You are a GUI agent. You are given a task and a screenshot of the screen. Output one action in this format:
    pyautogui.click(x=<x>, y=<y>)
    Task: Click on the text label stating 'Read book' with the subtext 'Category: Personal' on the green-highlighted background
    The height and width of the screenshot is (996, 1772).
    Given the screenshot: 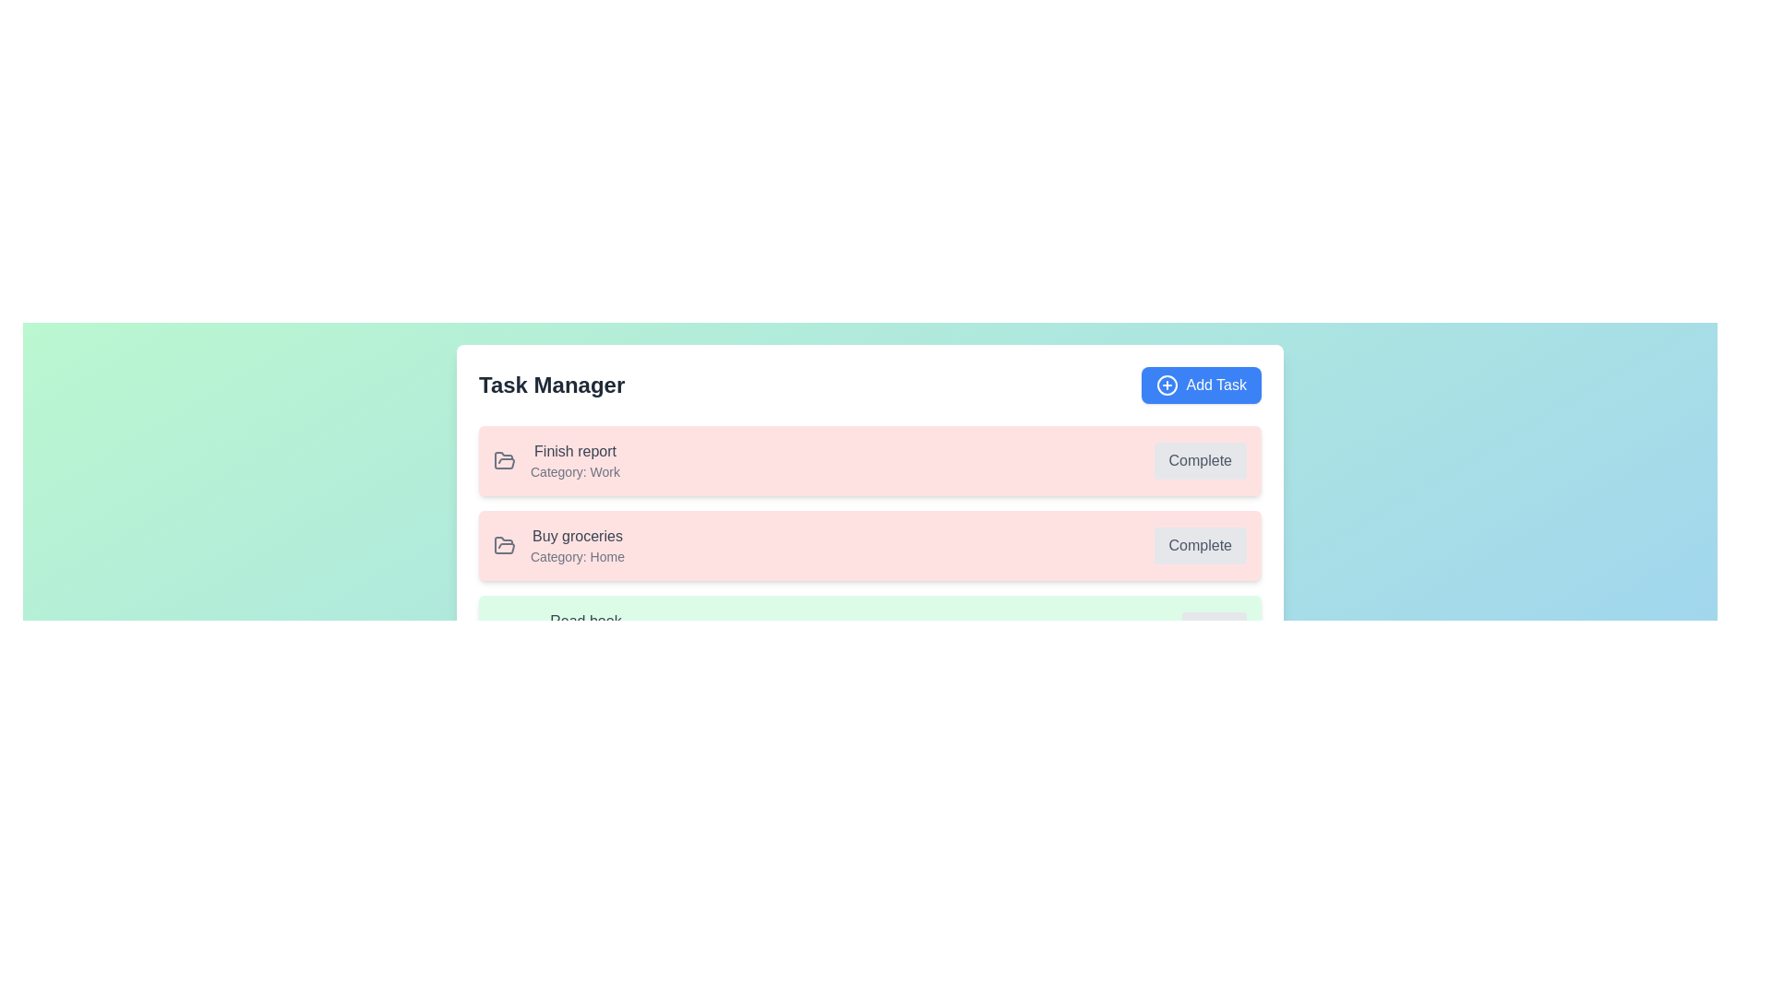 What is the action you would take?
    pyautogui.click(x=566, y=629)
    